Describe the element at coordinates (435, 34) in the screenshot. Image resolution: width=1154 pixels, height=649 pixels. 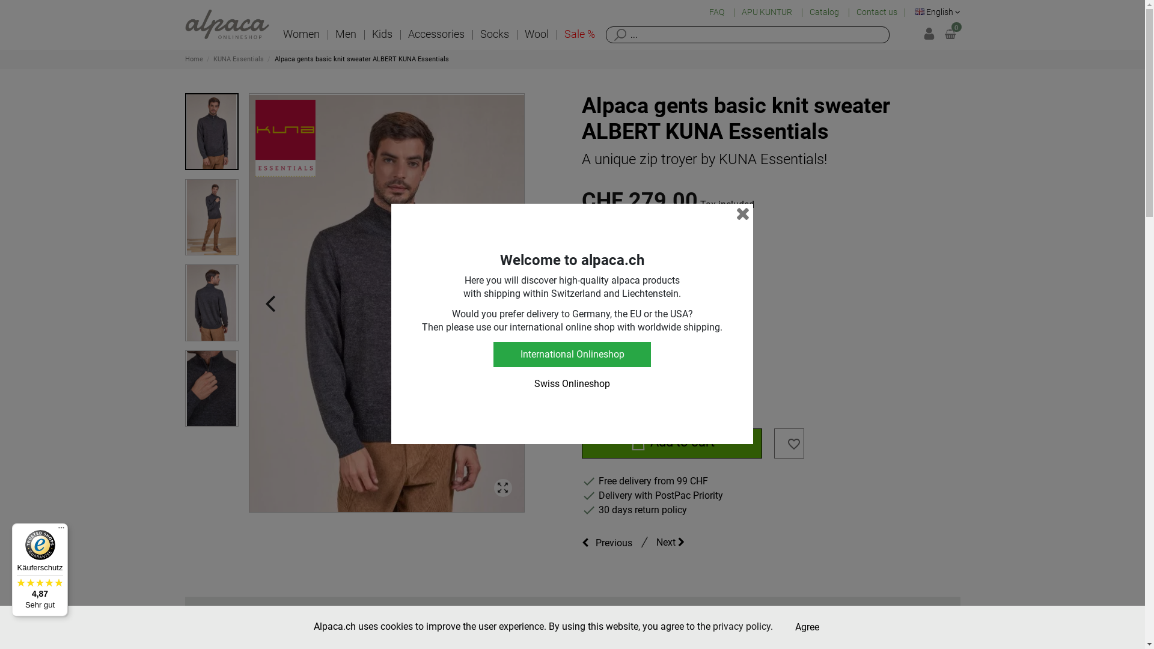
I see `'Accessories'` at that location.